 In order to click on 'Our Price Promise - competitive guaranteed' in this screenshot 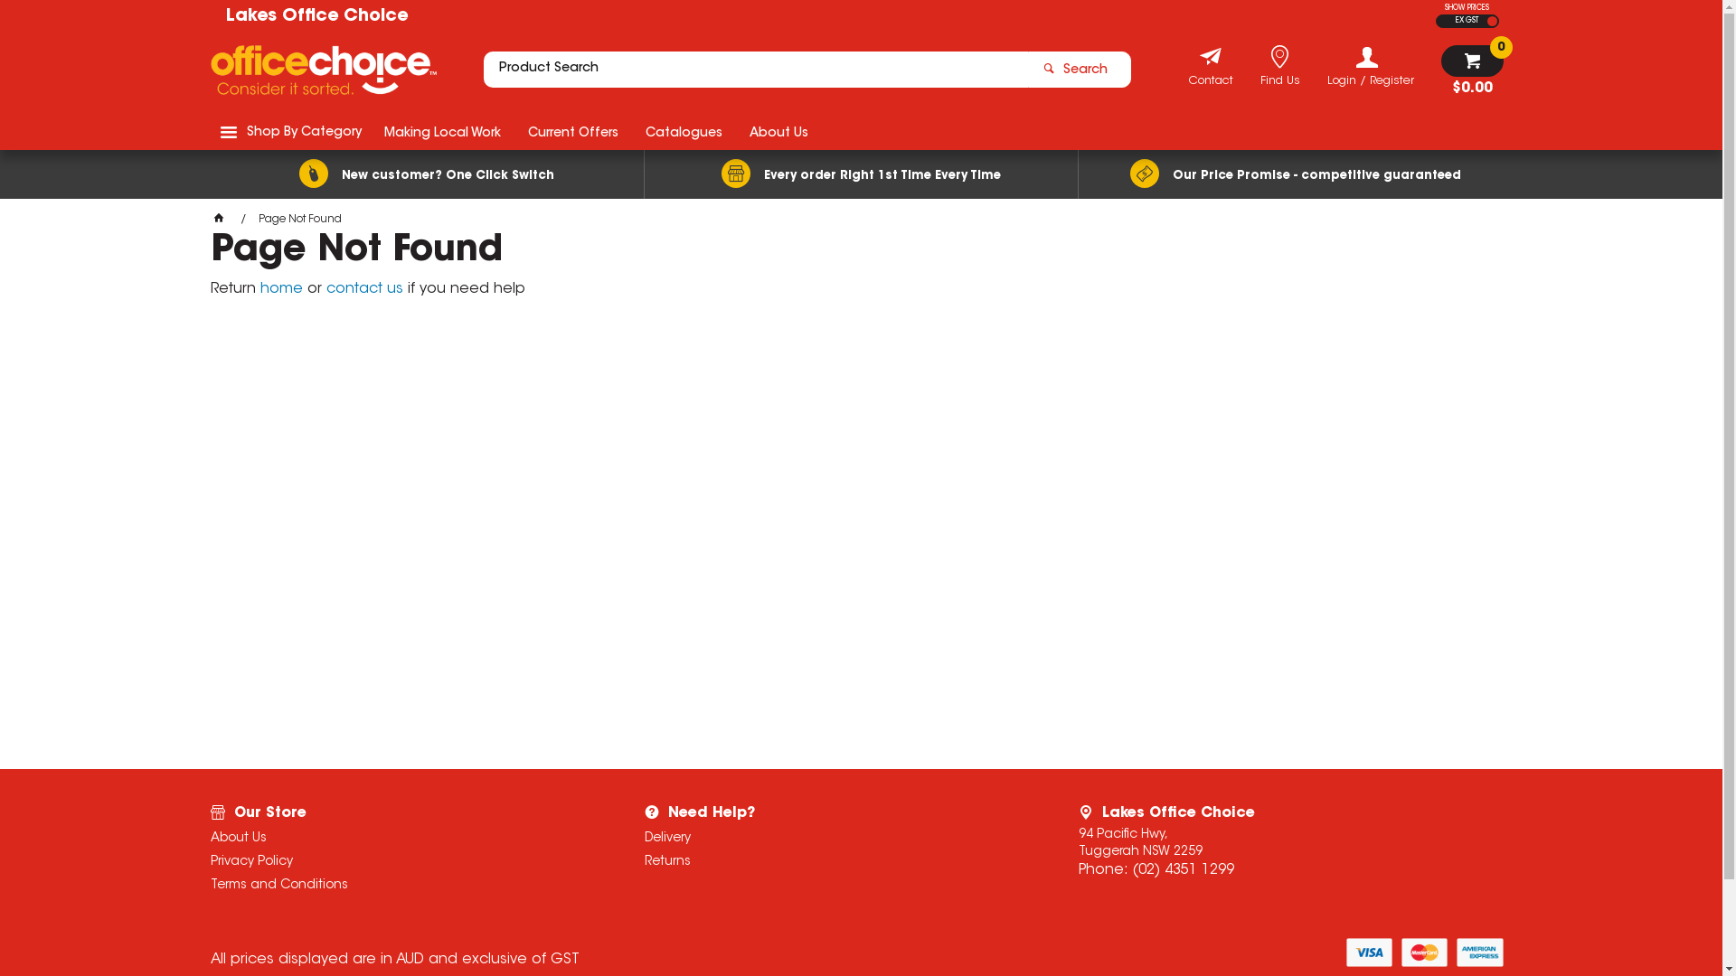, I will do `click(1293, 174)`.